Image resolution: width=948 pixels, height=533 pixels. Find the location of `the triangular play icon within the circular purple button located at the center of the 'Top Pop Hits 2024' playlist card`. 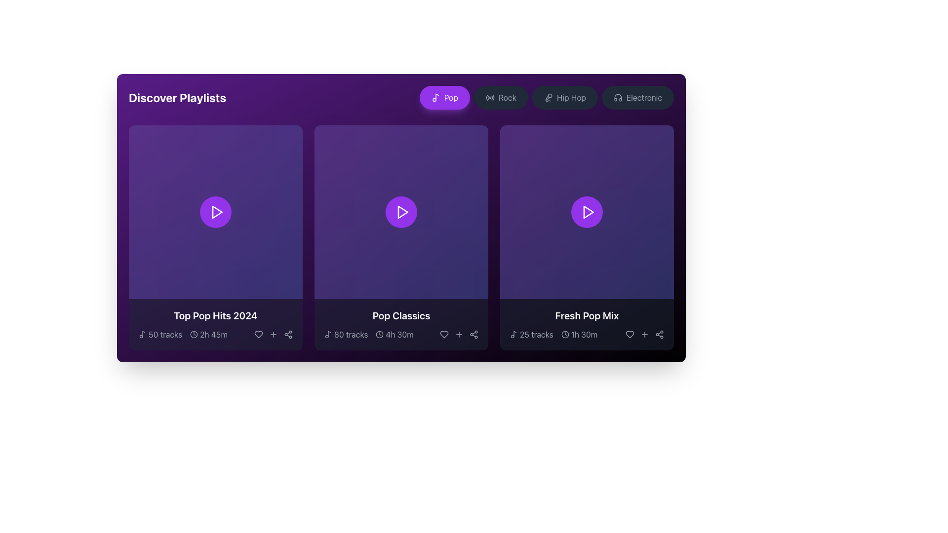

the triangular play icon within the circular purple button located at the center of the 'Top Pop Hits 2024' playlist card is located at coordinates (216, 211).